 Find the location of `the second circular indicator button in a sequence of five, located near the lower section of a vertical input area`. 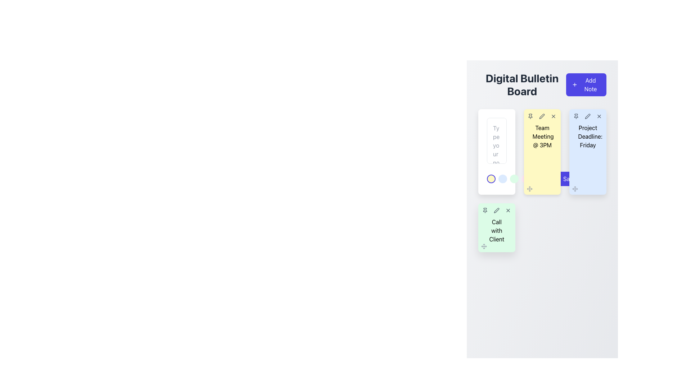

the second circular indicator button in a sequence of five, located near the lower section of a vertical input area is located at coordinates (502, 178).